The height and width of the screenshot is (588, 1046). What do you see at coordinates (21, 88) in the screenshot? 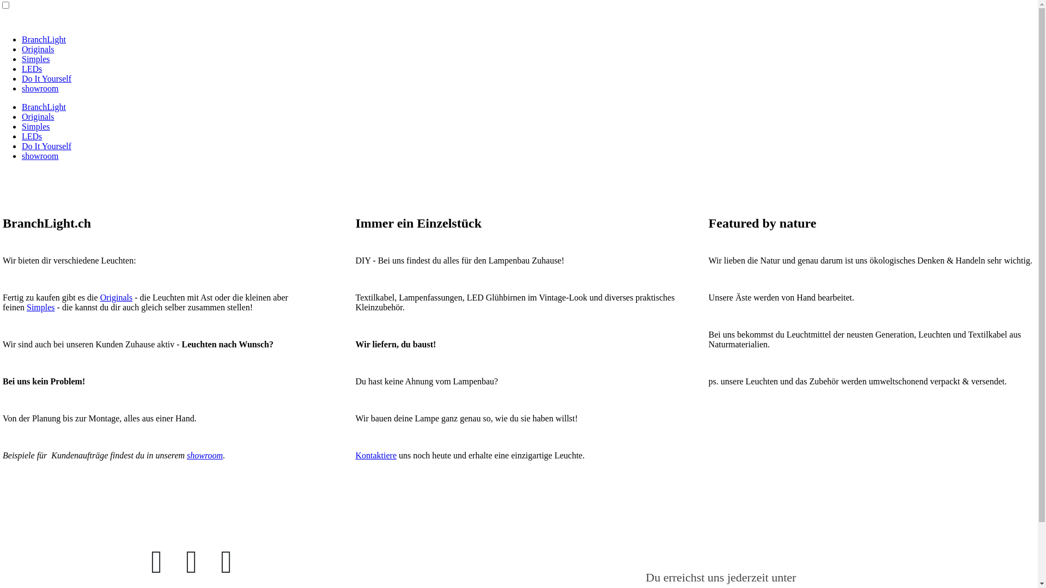
I see `'showroom'` at bounding box center [21, 88].